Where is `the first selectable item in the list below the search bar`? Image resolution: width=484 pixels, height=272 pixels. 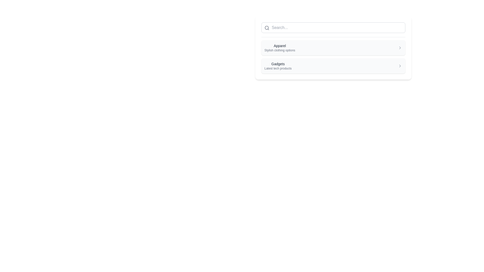 the first selectable item in the list below the search bar is located at coordinates (333, 48).